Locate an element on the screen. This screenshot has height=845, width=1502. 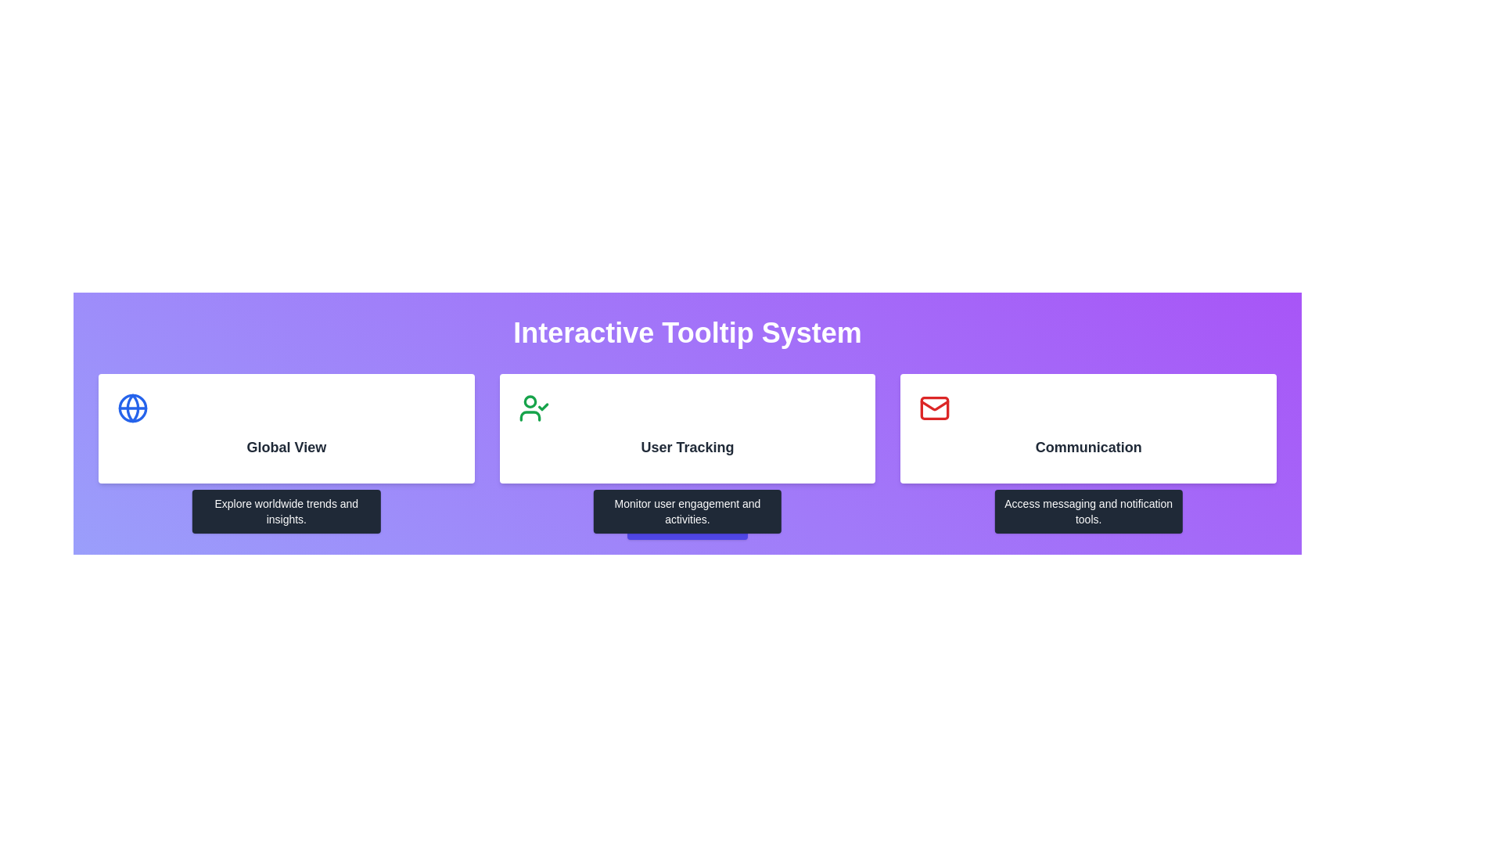
the bottom segment of the SVG graphic representing the user icon in the 'User Tracking' section of the second card is located at coordinates (530, 415).